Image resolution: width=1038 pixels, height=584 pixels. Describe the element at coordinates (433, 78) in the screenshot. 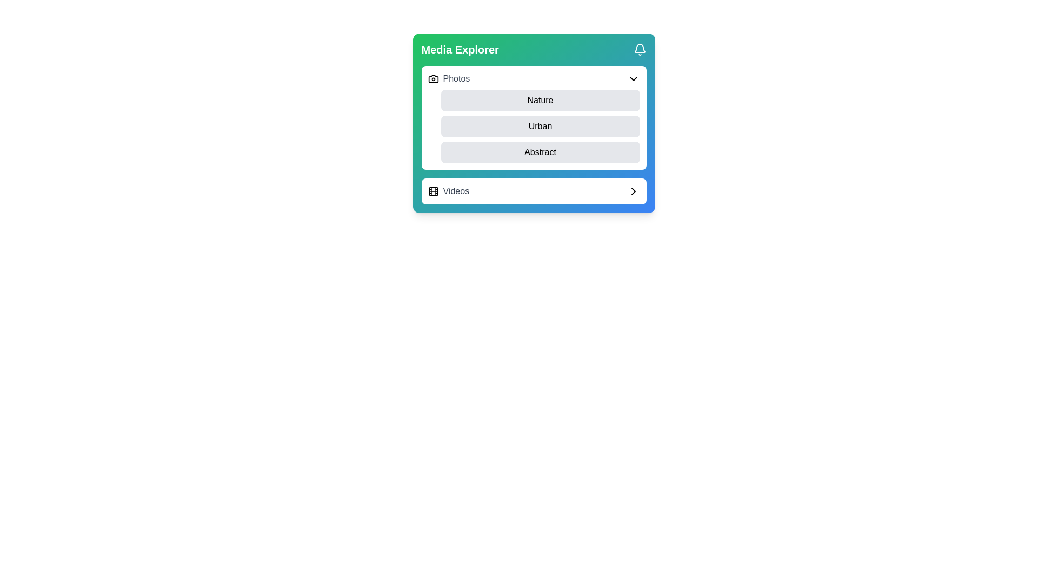

I see `the camera icon located to the left of the 'Photos' label in the 'Media Explorer' section` at that location.